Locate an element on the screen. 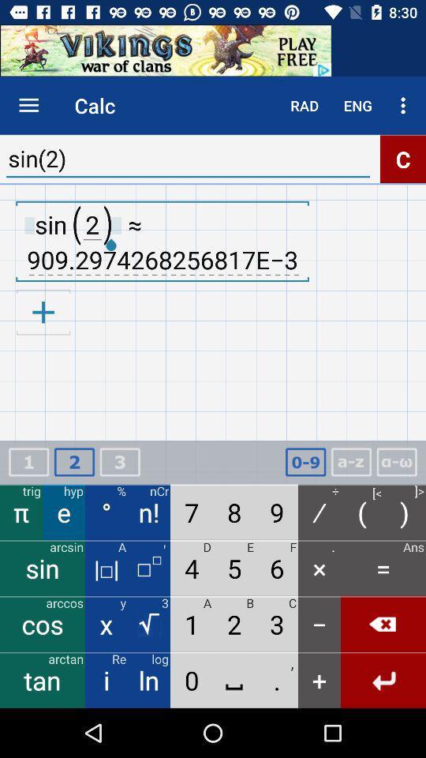 The image size is (426, 758). change keyboard is located at coordinates (351, 462).